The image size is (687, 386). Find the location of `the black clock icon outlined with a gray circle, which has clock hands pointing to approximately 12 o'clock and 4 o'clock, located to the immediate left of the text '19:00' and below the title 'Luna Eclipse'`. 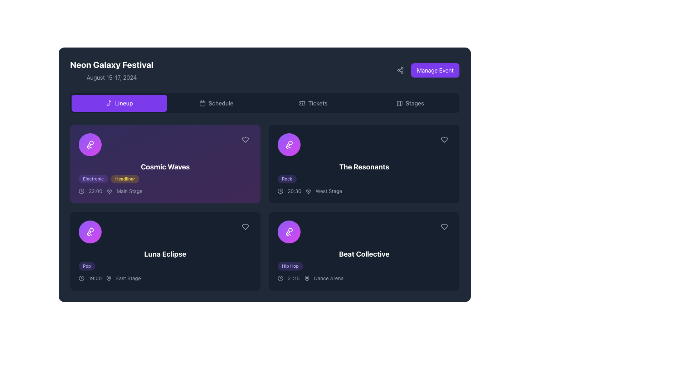

the black clock icon outlined with a gray circle, which has clock hands pointing to approximately 12 o'clock and 4 o'clock, located to the immediate left of the text '19:00' and below the title 'Luna Eclipse' is located at coordinates (81, 278).